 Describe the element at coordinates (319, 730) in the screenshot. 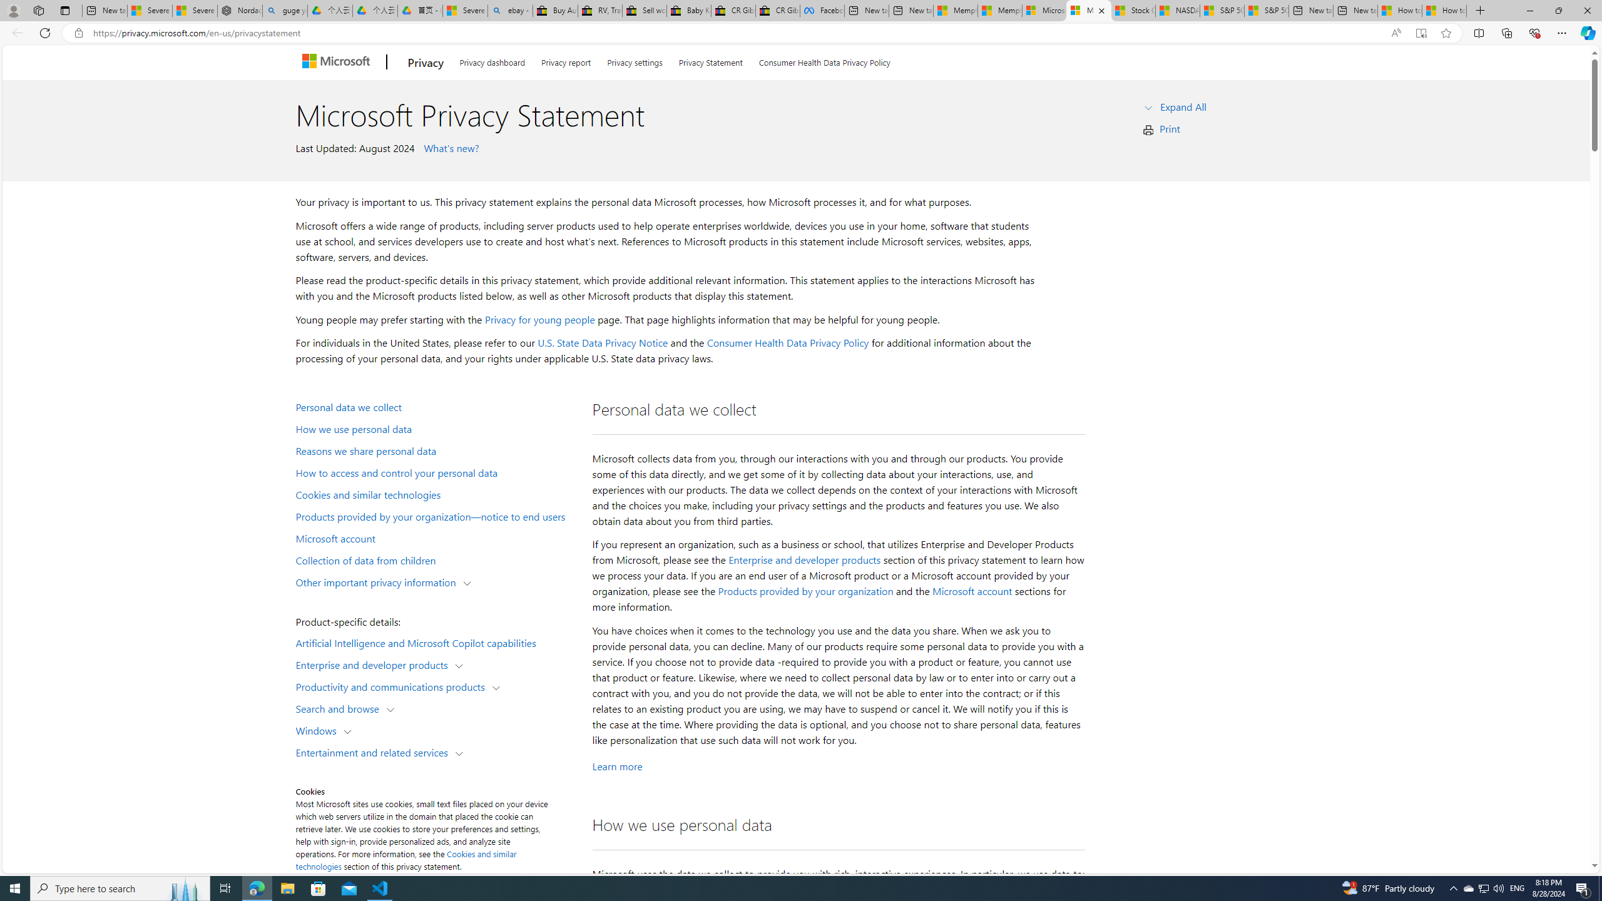

I see `'Windows'` at that location.